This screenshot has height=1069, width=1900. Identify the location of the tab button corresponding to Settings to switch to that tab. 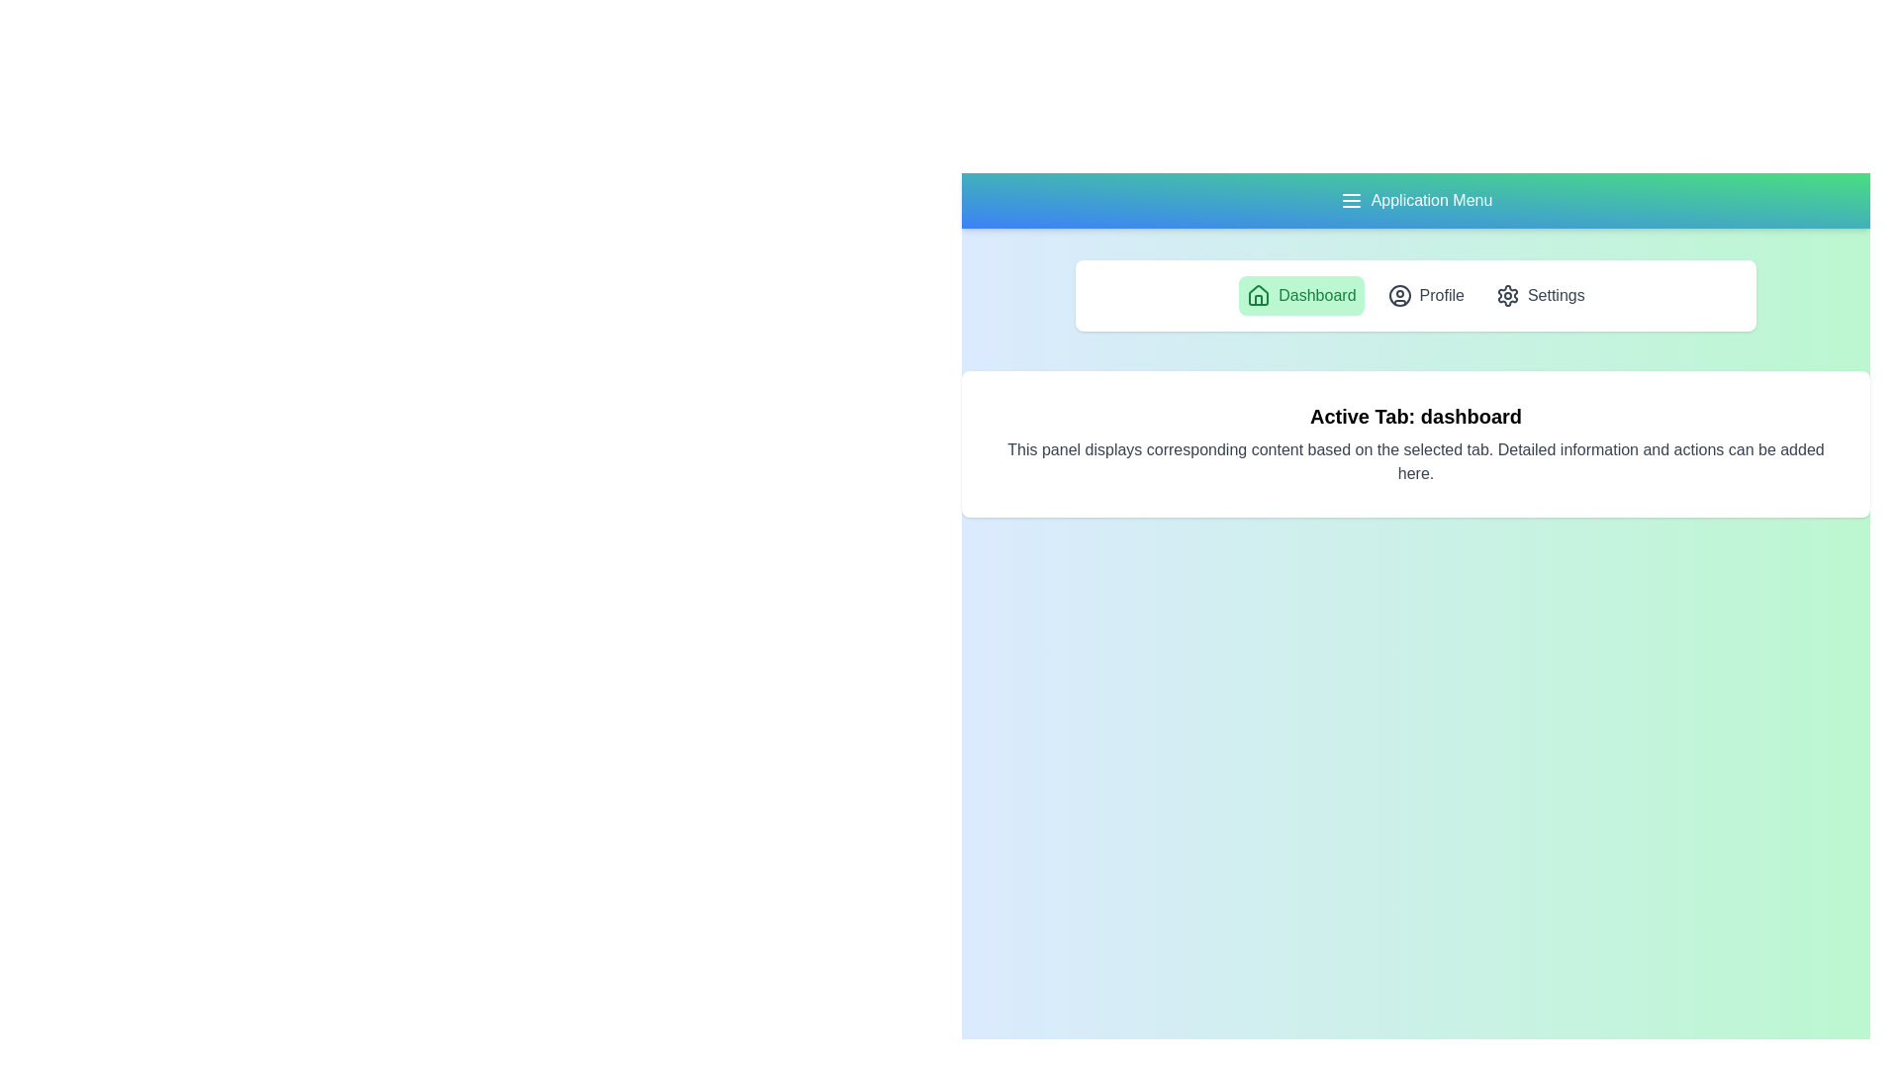
(1538, 296).